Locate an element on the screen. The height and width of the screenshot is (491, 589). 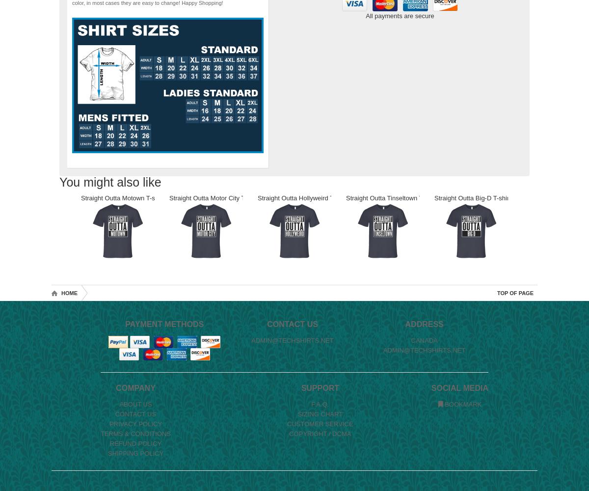
'Company' is located at coordinates (135, 388).